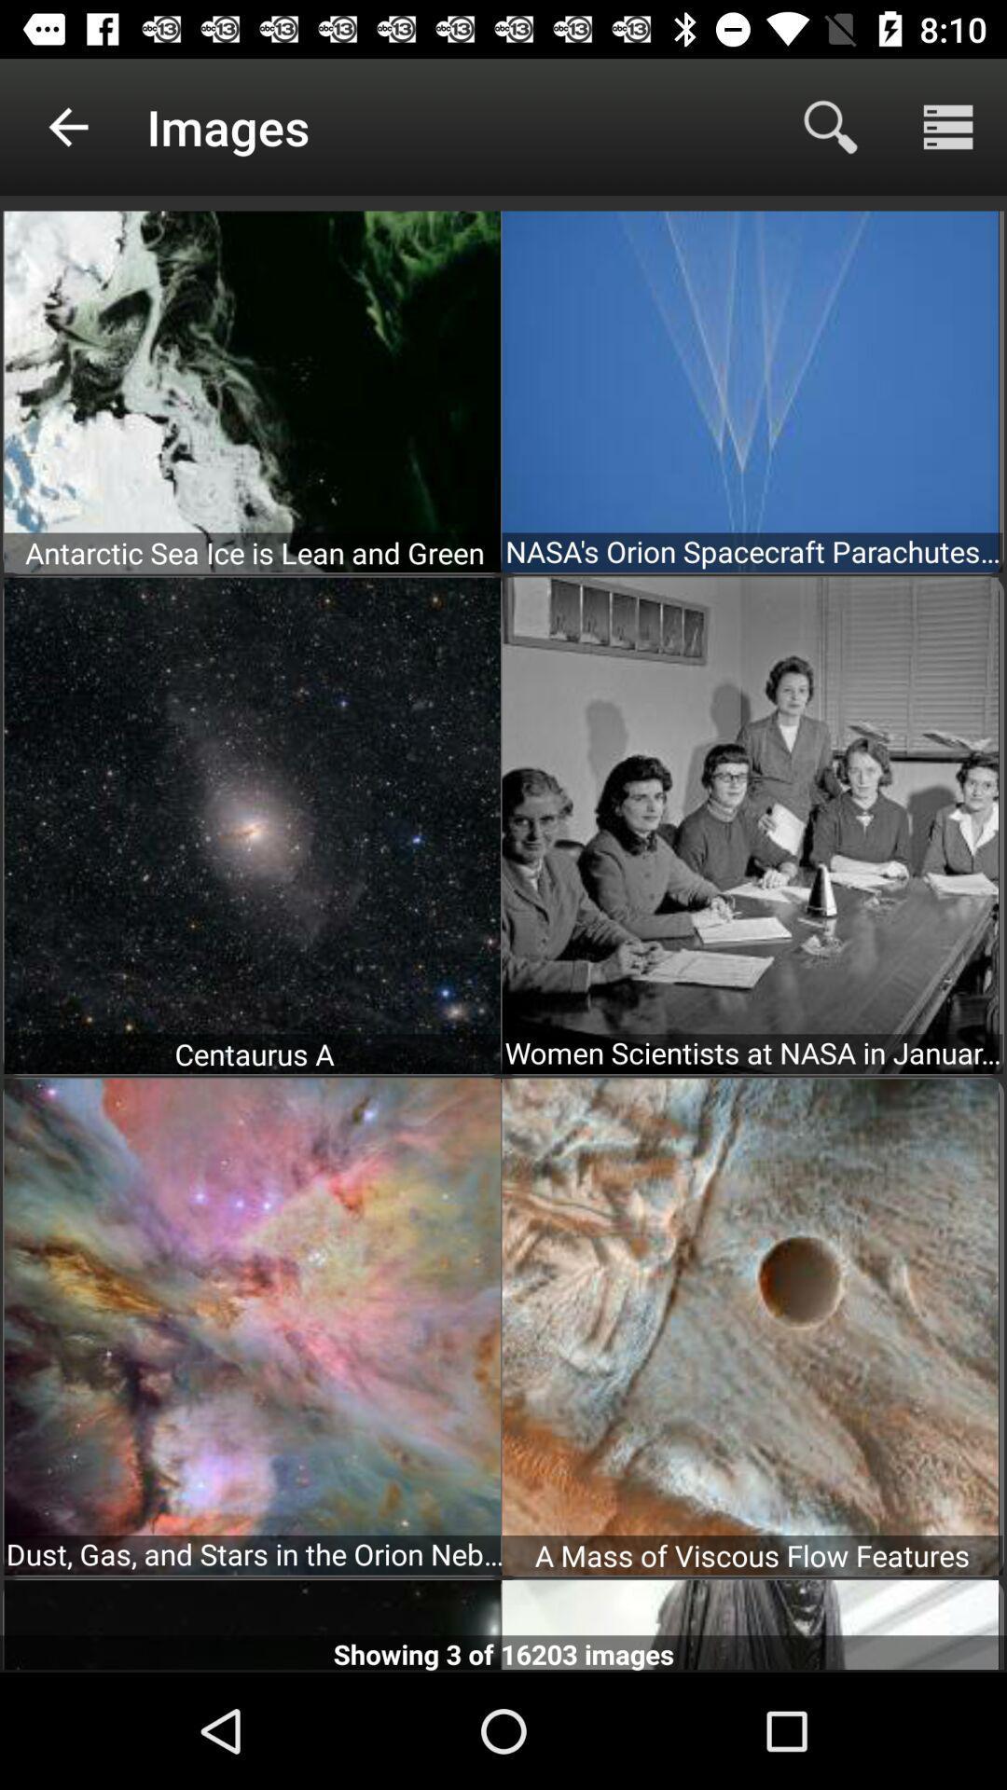 Image resolution: width=1007 pixels, height=1790 pixels. Describe the element at coordinates (830, 126) in the screenshot. I see `icon to the right of the images` at that location.